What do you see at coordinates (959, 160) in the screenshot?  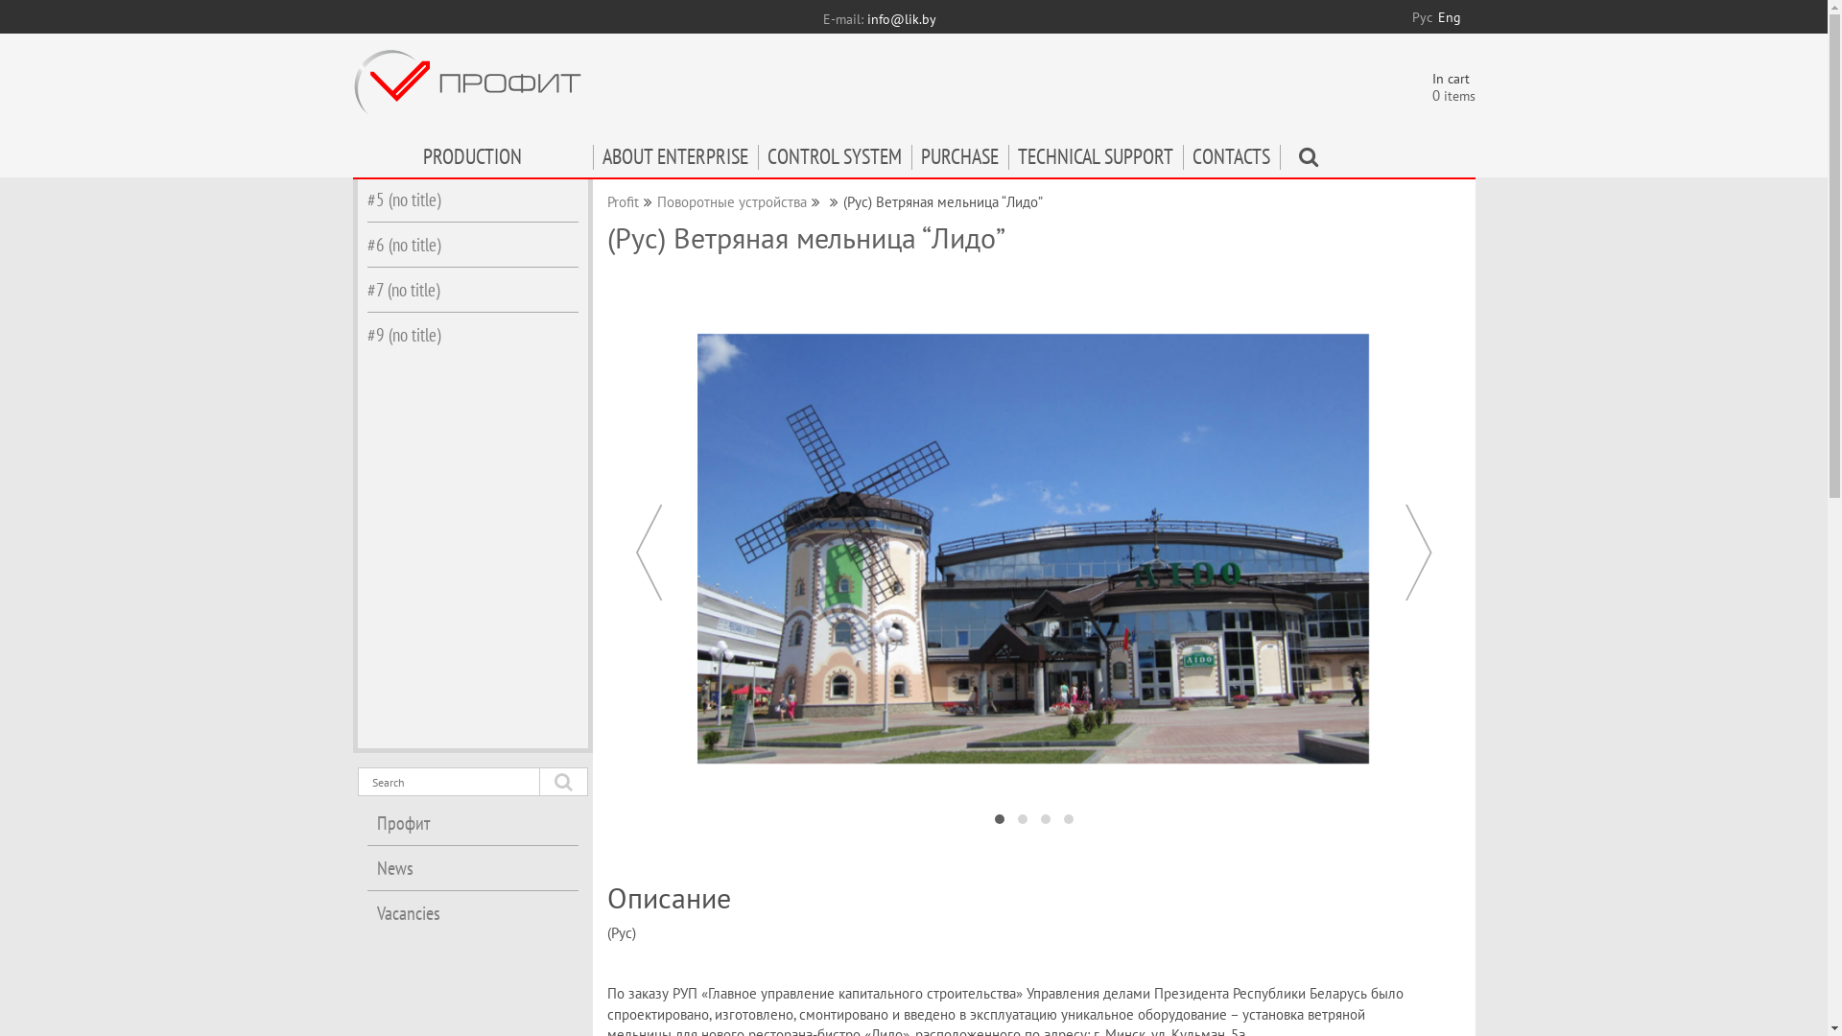 I see `'PURCHASE'` at bounding box center [959, 160].